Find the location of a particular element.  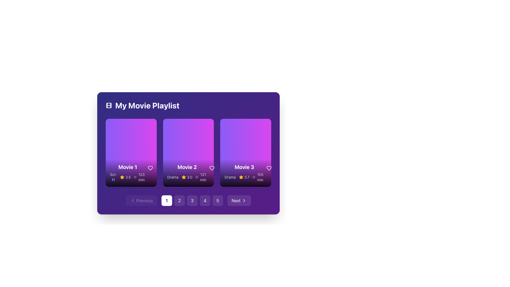

the 'Next' icon within the pagination controls is located at coordinates (244, 201).